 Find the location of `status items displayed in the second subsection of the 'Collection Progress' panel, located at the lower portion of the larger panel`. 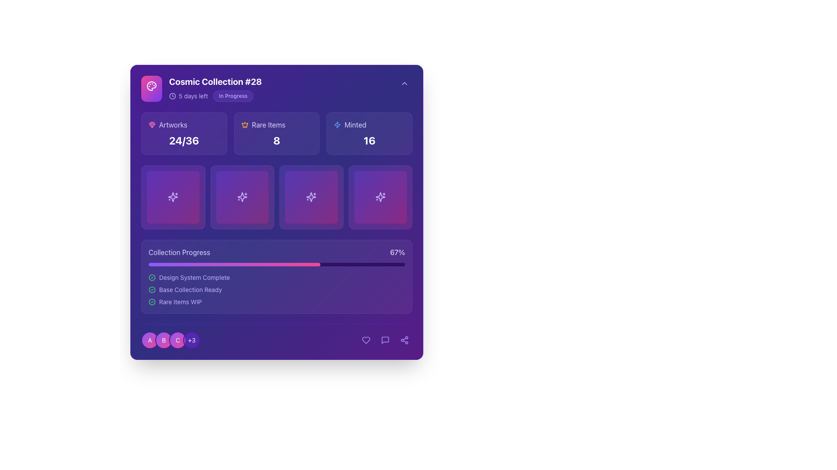

status items displayed in the second subsection of the 'Collection Progress' panel, located at the lower portion of the larger panel is located at coordinates (276, 289).